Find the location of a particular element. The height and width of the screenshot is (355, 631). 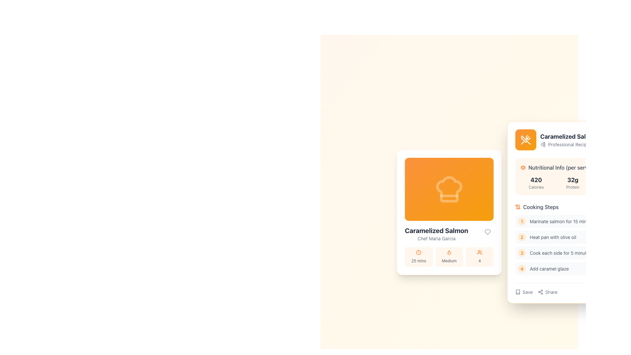

the circular badge with a soft orange background and white border, featuring the number '3' in bold orange text, which is located before the step description 'Cook each side for 5 minutes' is located at coordinates (522, 252).